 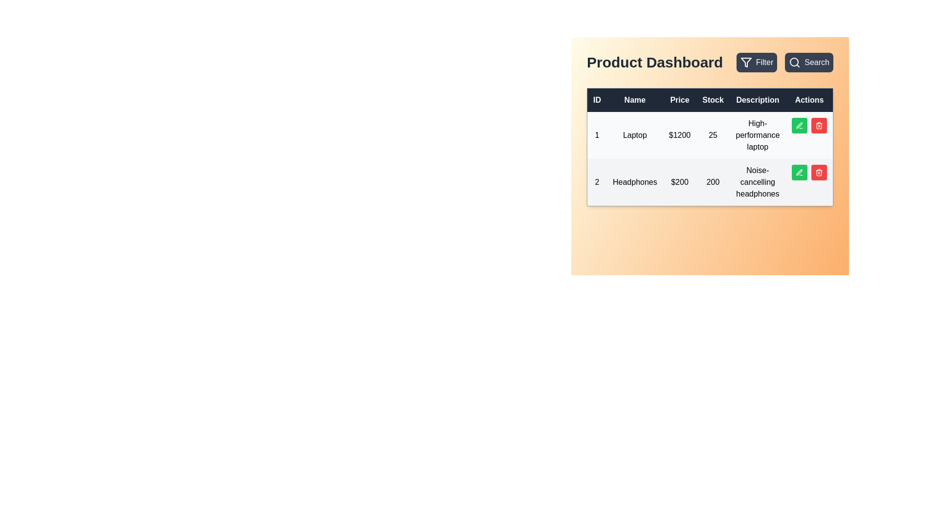 I want to click on the edit Icon button in the Actions column of the table for the Laptop entry, so click(x=800, y=125).